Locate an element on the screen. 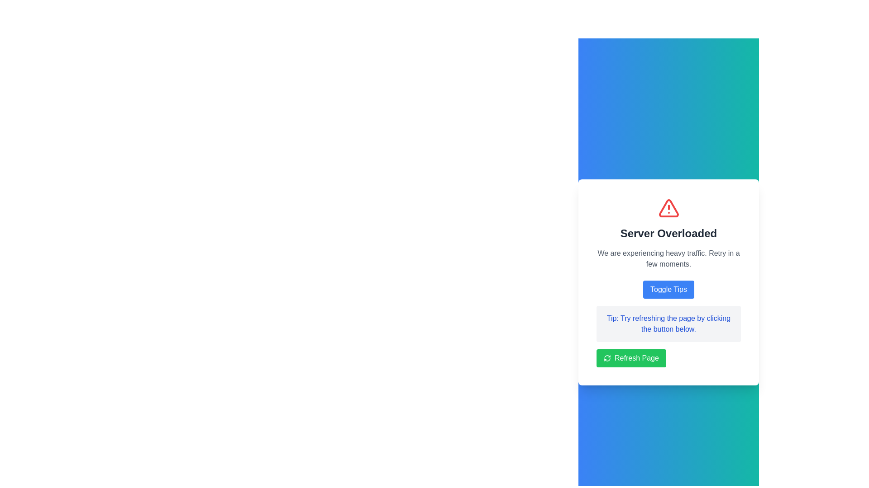  the static text block that displays the server status, located below the title 'Server Overloaded' and above the 'Toggle Tips' button is located at coordinates (668, 259).